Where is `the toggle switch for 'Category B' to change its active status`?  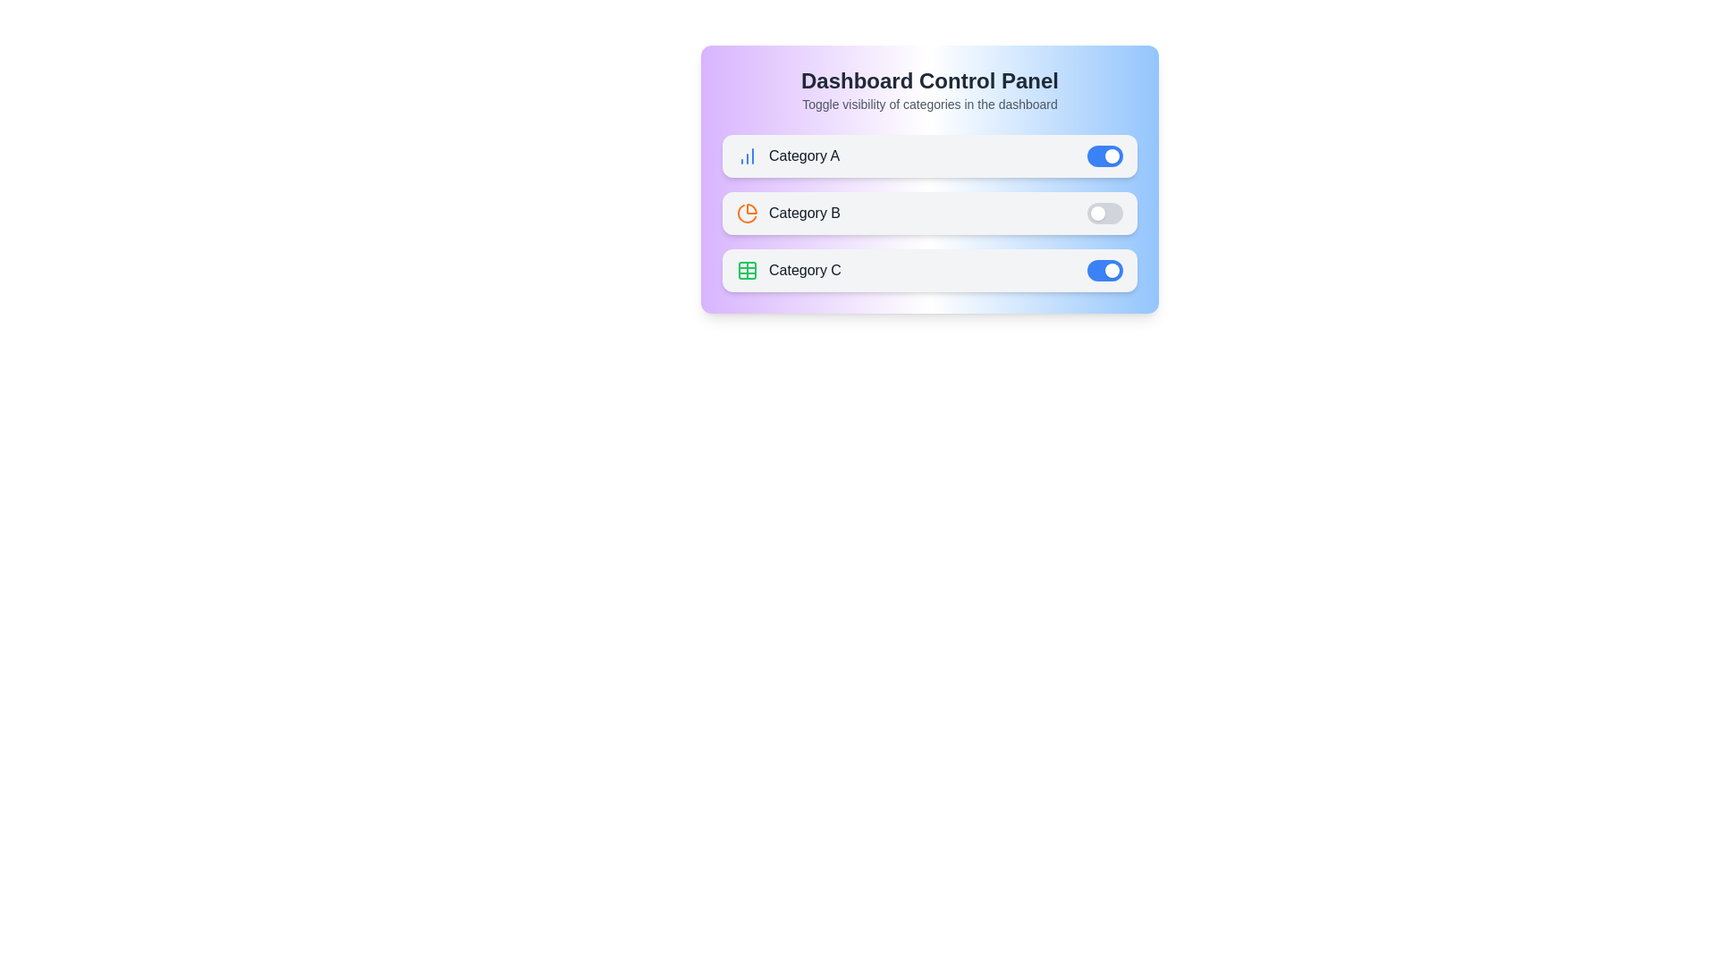 the toggle switch for 'Category B' to change its active status is located at coordinates (1104, 213).